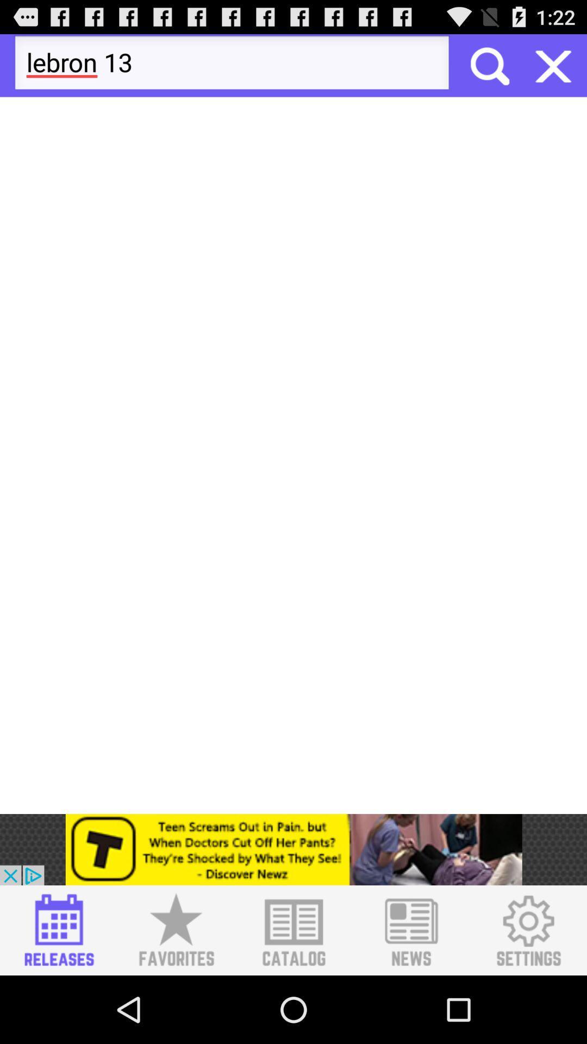 This screenshot has height=1044, width=587. Describe the element at coordinates (293, 930) in the screenshot. I see `catalog` at that location.